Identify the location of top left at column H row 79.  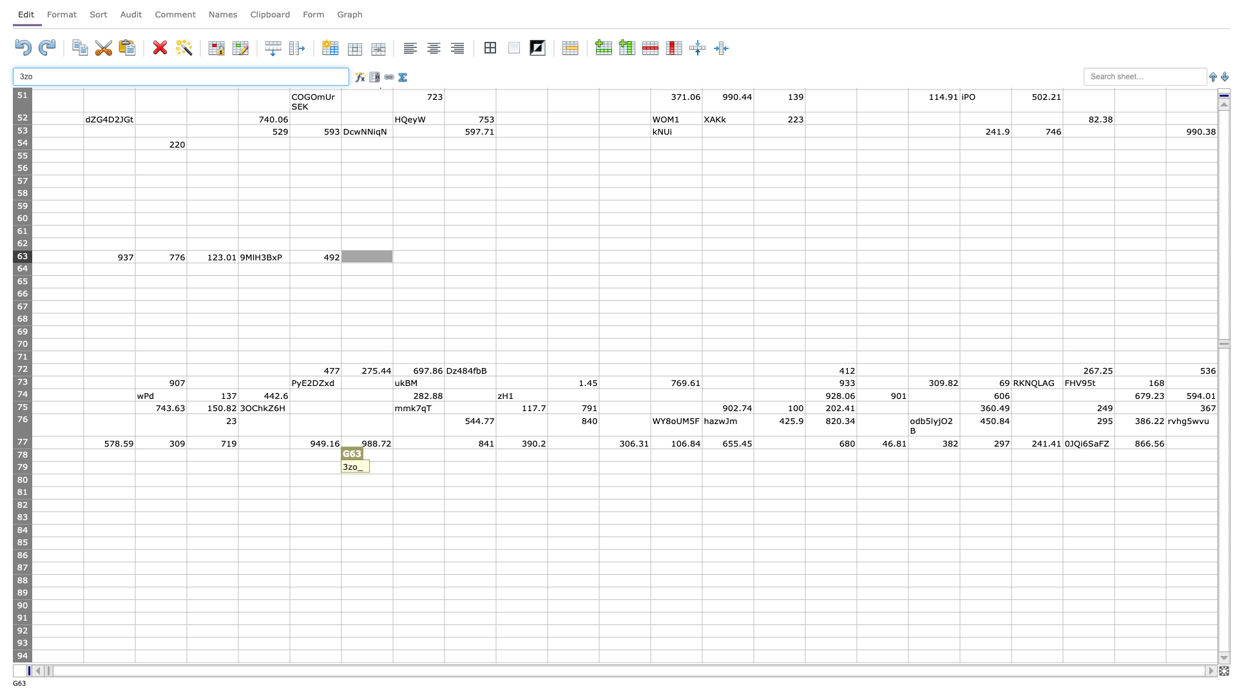
(392, 461).